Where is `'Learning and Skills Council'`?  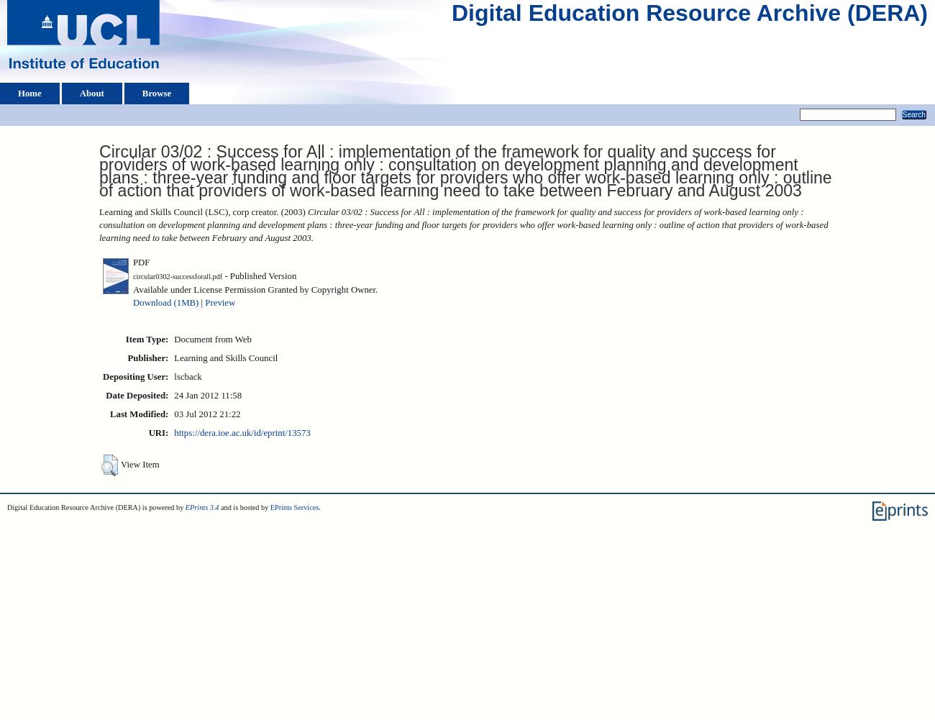 'Learning and Skills Council' is located at coordinates (225, 357).